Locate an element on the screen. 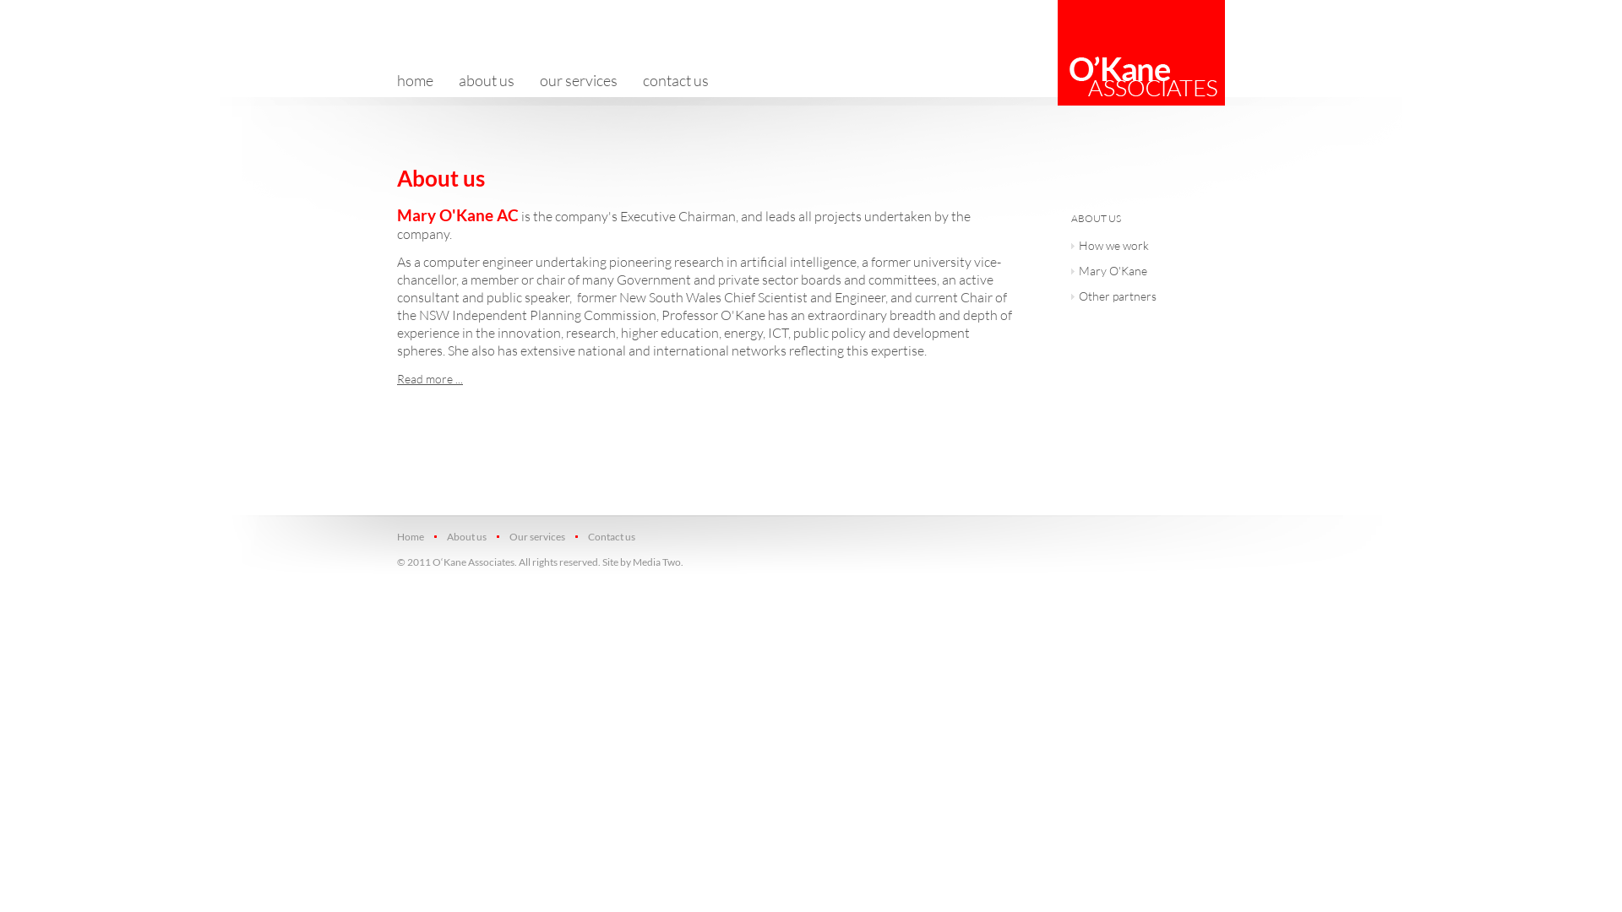  'Other partners' is located at coordinates (1140, 297).